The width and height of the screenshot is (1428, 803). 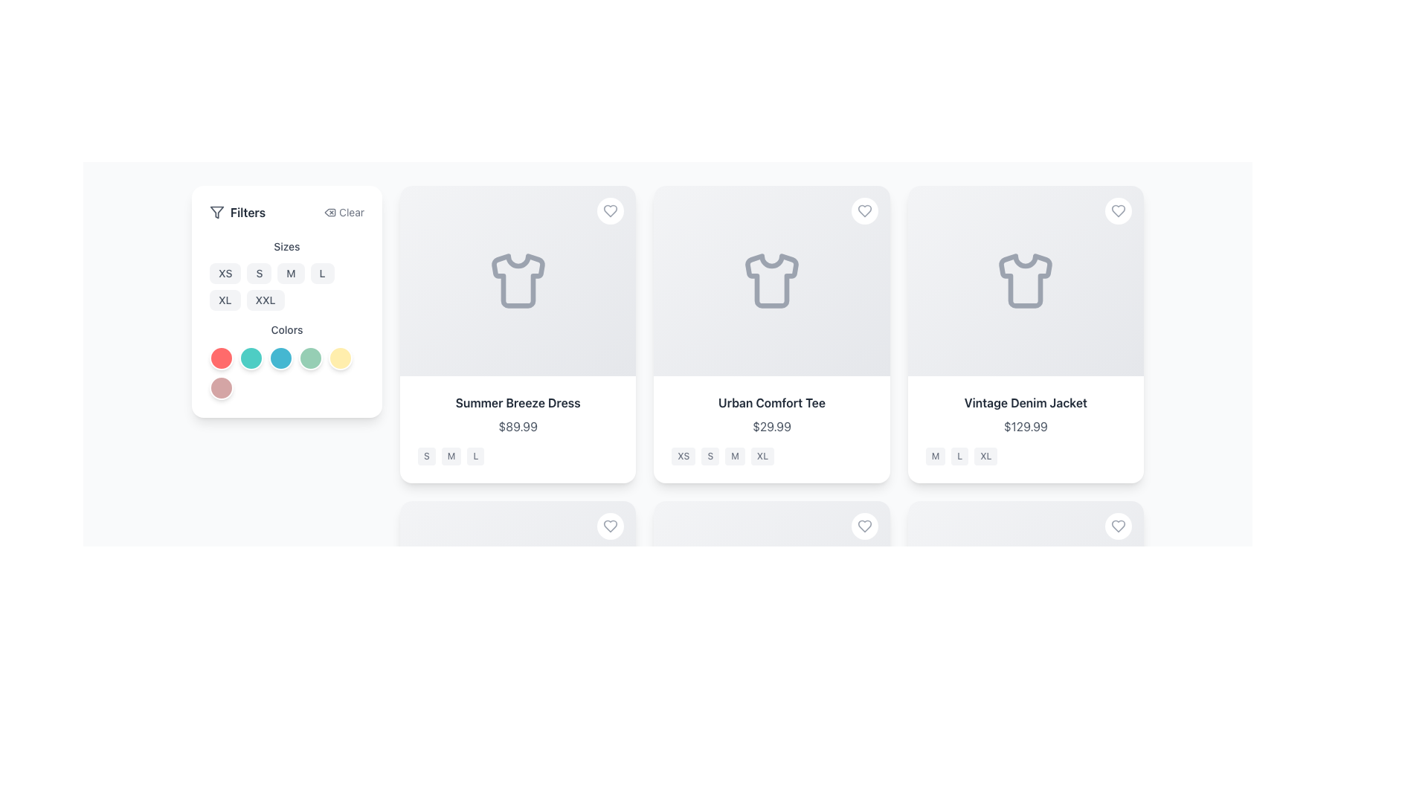 What do you see at coordinates (1118, 211) in the screenshot?
I see `the button in the top-right corner of the 'Vintage Denim Jacket' card` at bounding box center [1118, 211].